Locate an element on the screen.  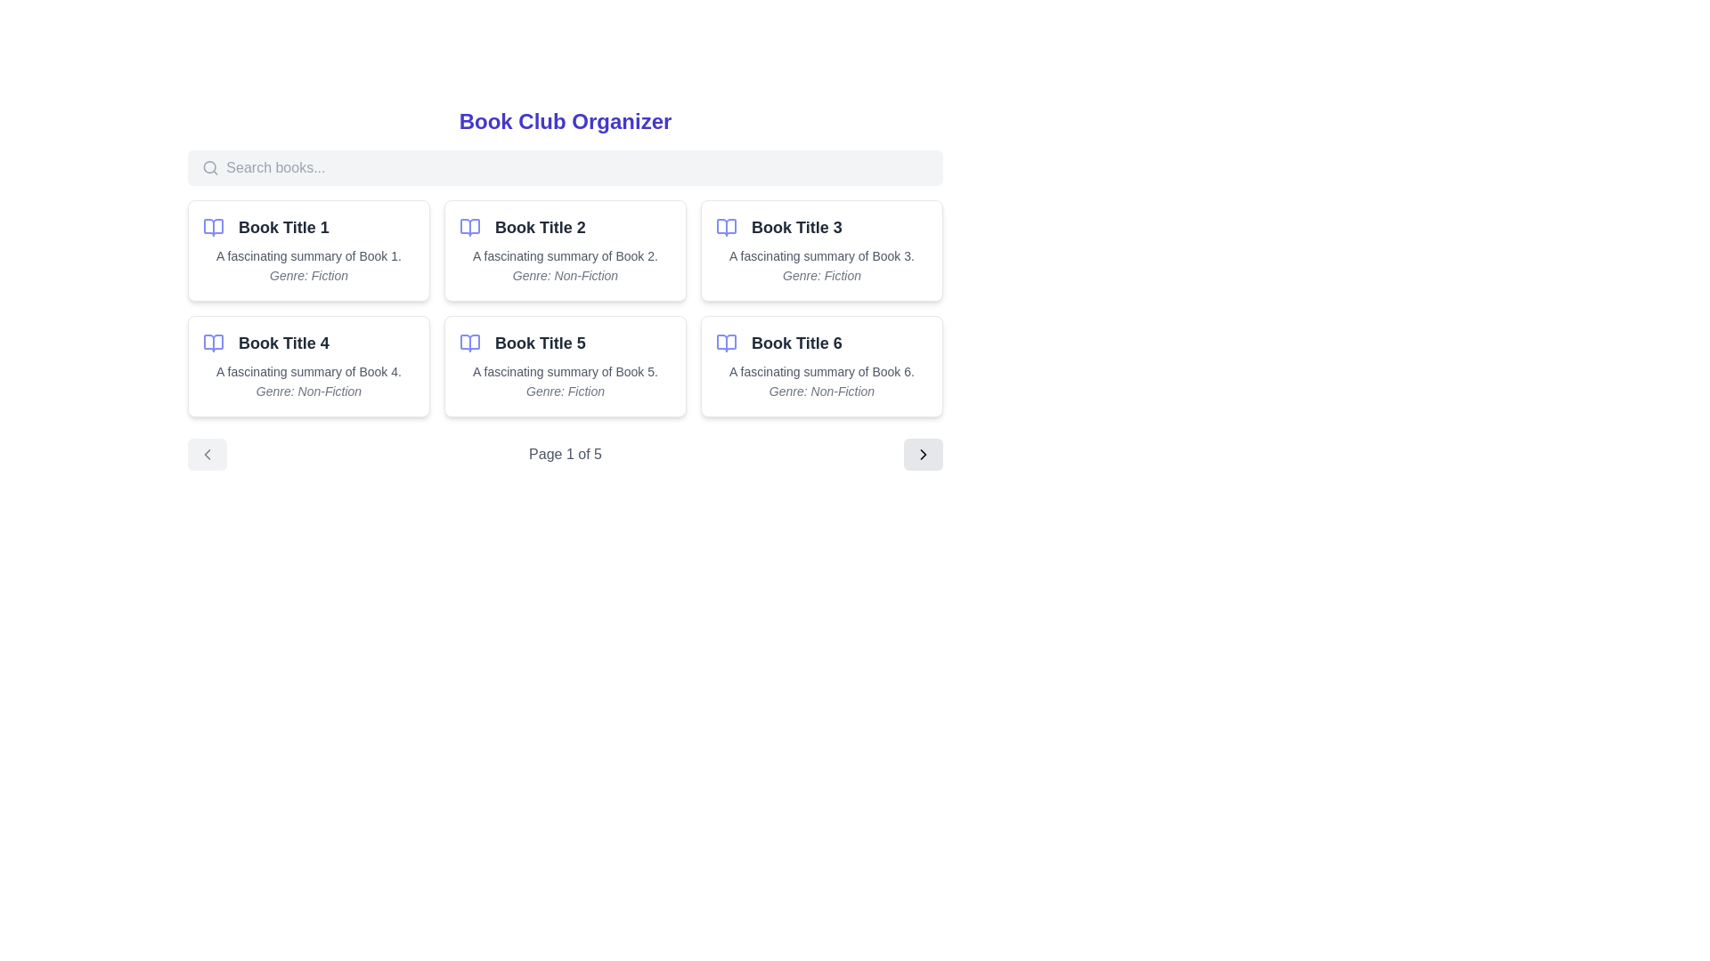
the book entry card in the 'Book Club Organizer' collection located in the bottom-right corner of the grid layout is located at coordinates (820, 366).